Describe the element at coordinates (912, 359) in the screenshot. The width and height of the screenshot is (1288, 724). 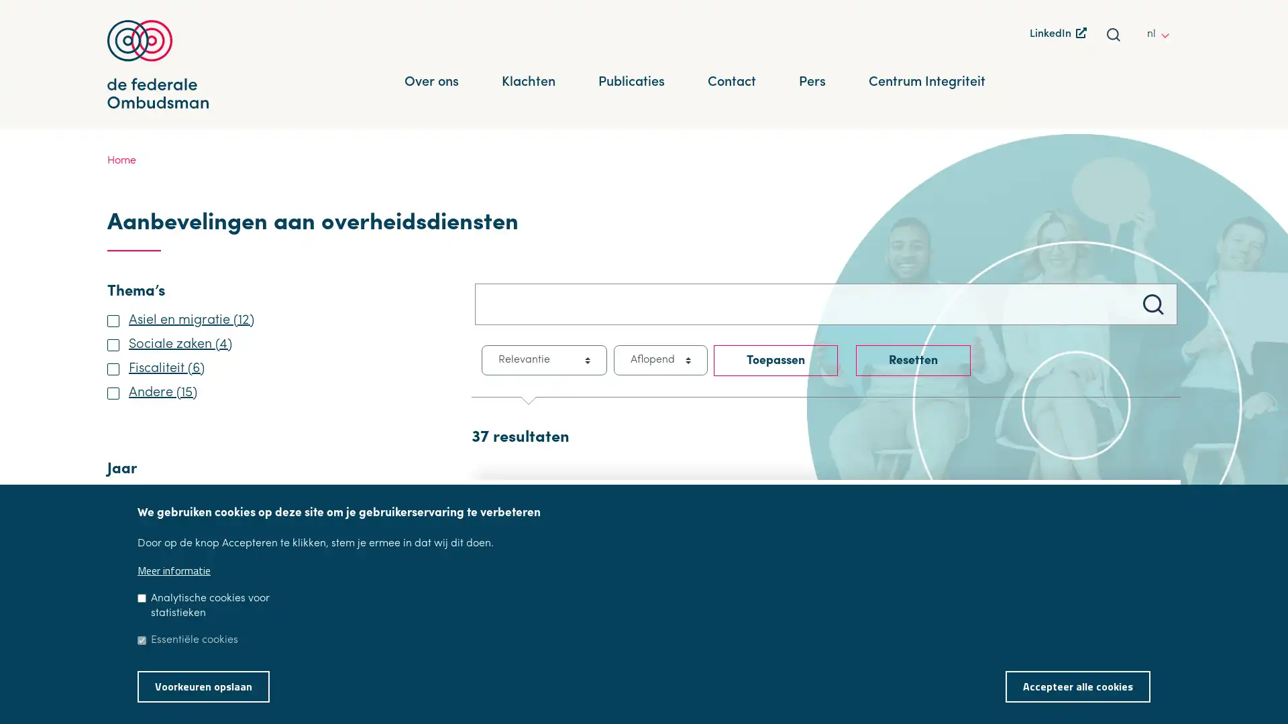
I see `Resetten` at that location.